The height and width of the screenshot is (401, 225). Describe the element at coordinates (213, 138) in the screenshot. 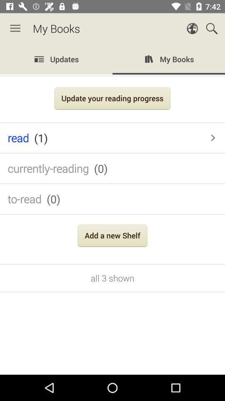

I see `the item on the right` at that location.